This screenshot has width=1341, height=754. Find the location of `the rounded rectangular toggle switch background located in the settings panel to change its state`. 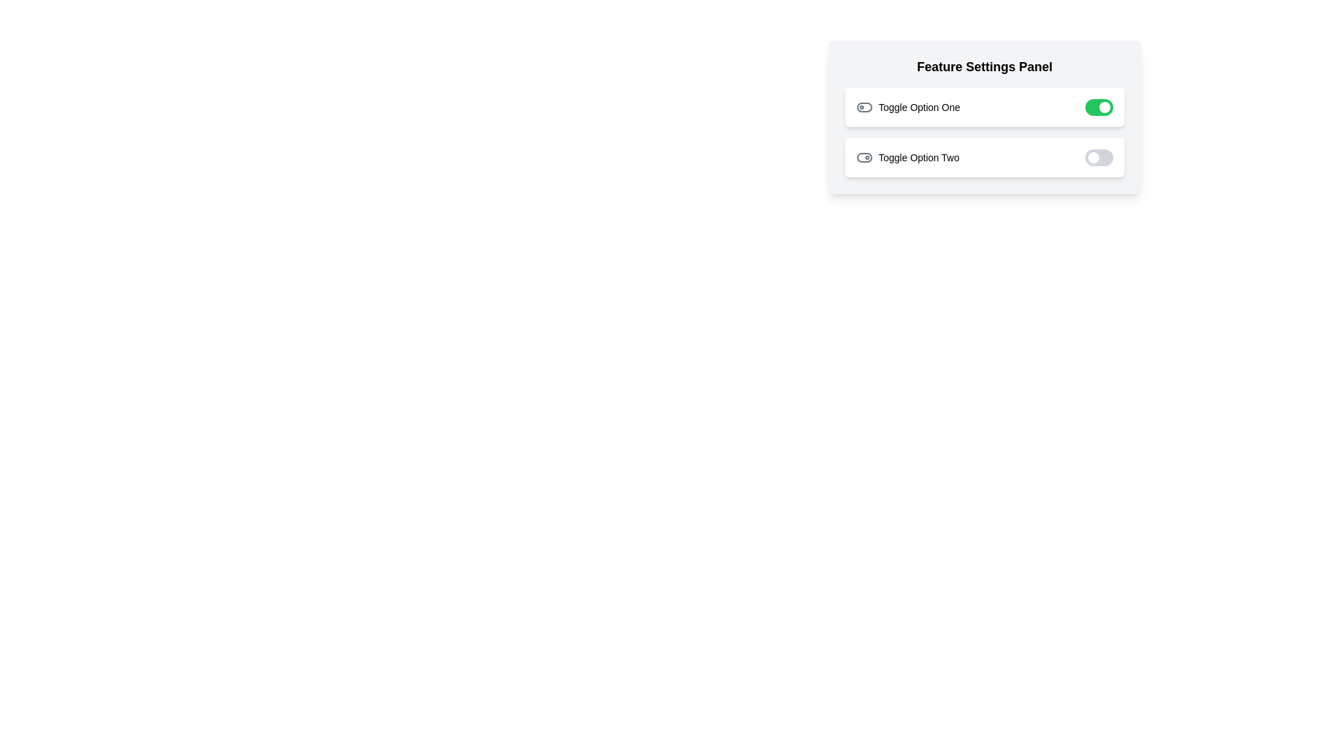

the rounded rectangular toggle switch background located in the settings panel to change its state is located at coordinates (864, 107).